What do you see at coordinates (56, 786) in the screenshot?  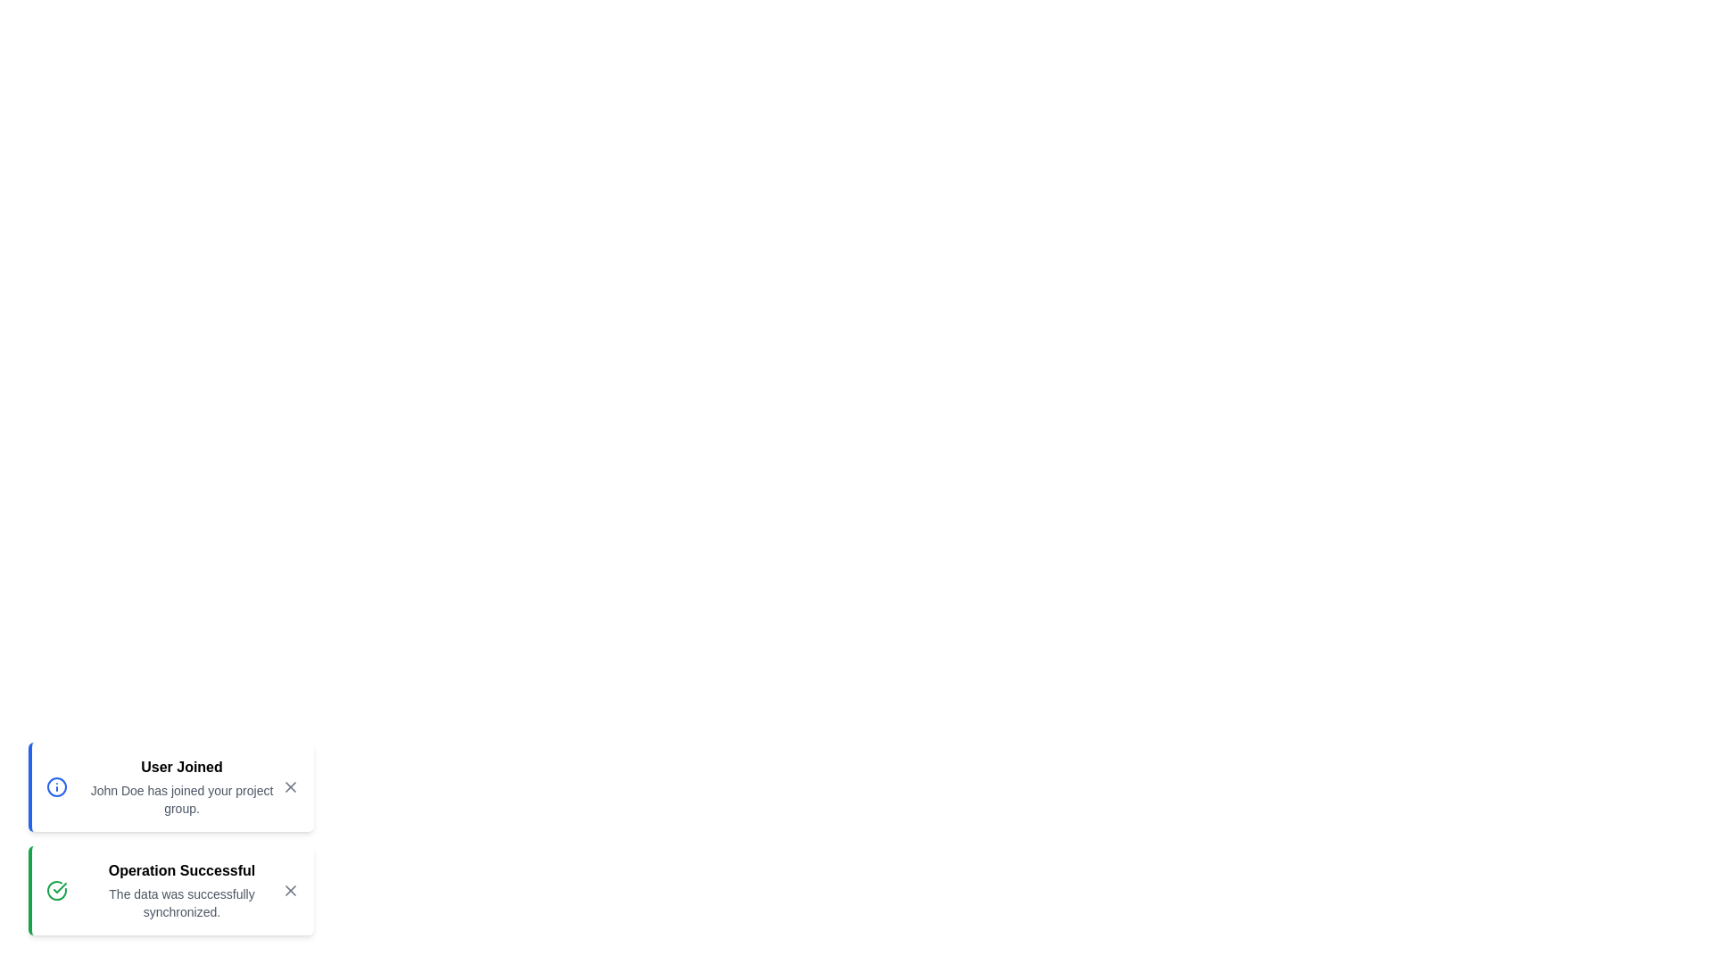 I see `the icon representing the notification type in the notification bar` at bounding box center [56, 786].